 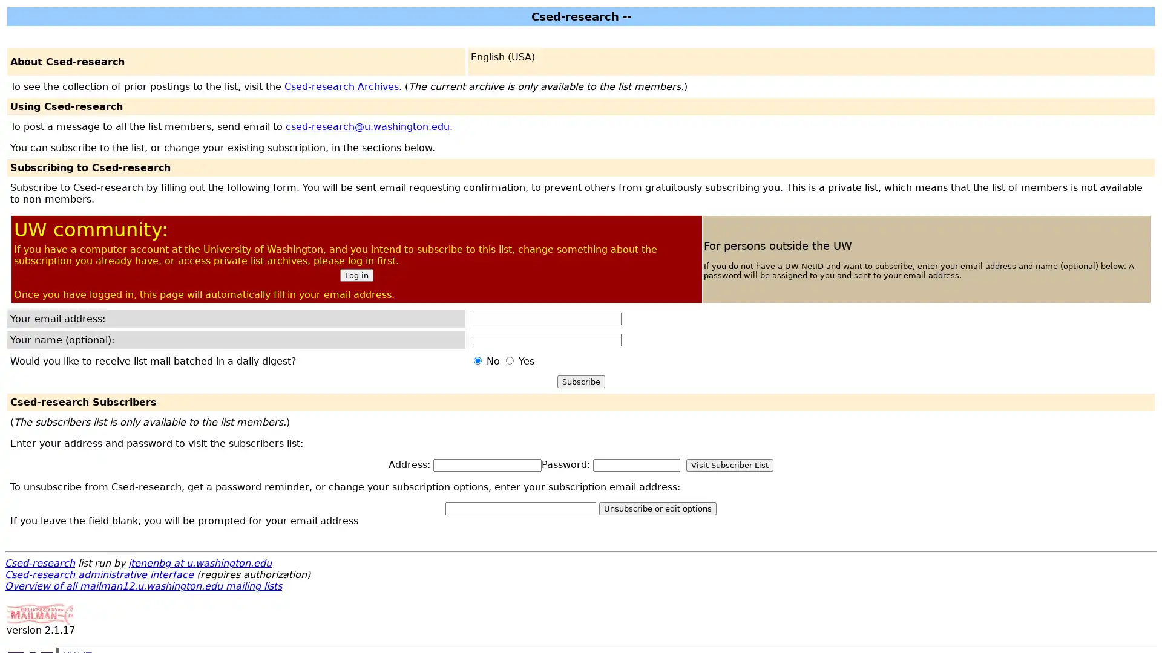 I want to click on Visit Subscriber List, so click(x=729, y=464).